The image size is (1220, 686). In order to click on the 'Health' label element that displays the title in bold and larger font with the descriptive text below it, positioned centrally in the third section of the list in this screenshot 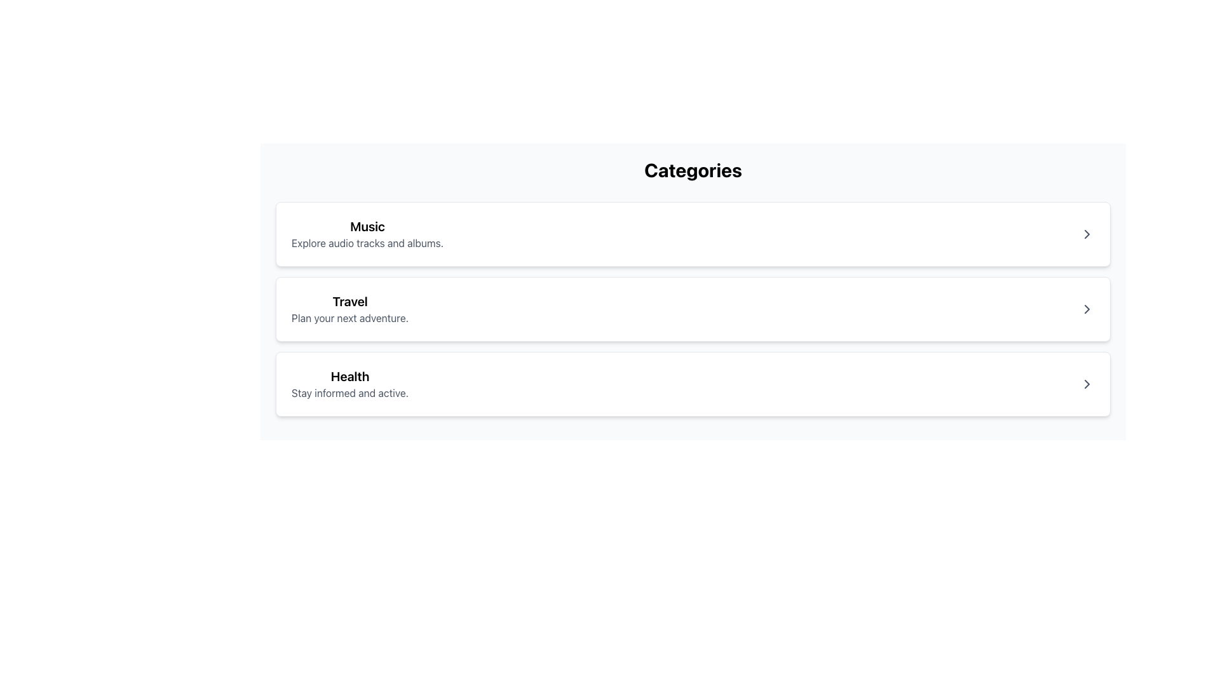, I will do `click(350, 384)`.